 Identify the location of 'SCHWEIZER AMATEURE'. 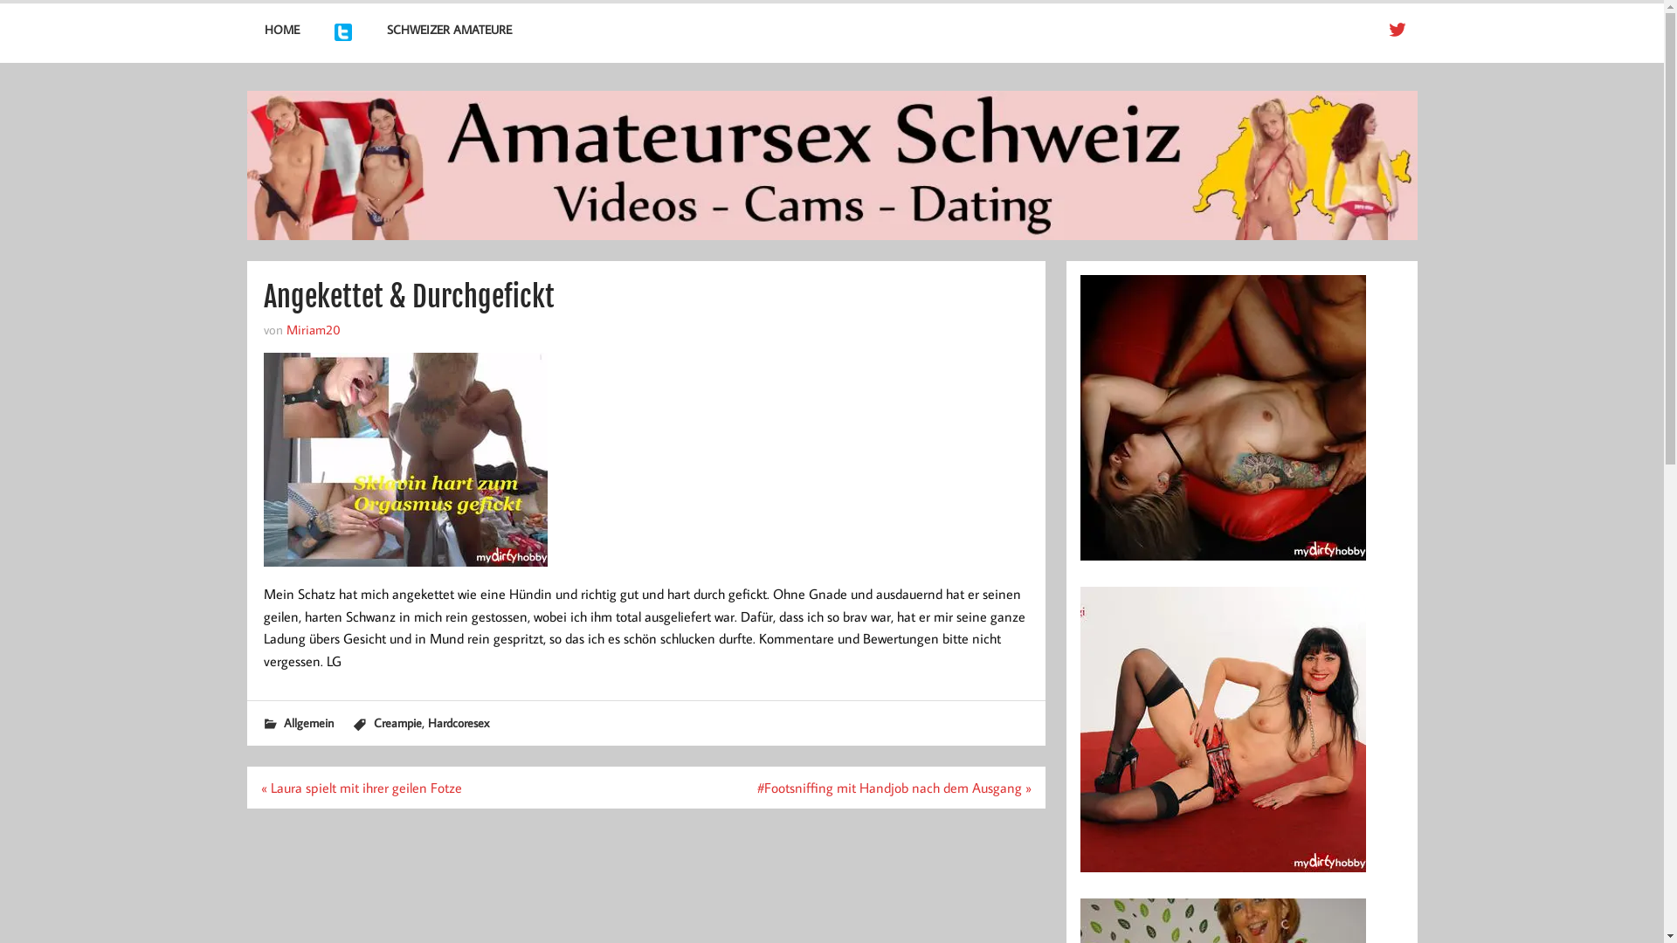
(449, 30).